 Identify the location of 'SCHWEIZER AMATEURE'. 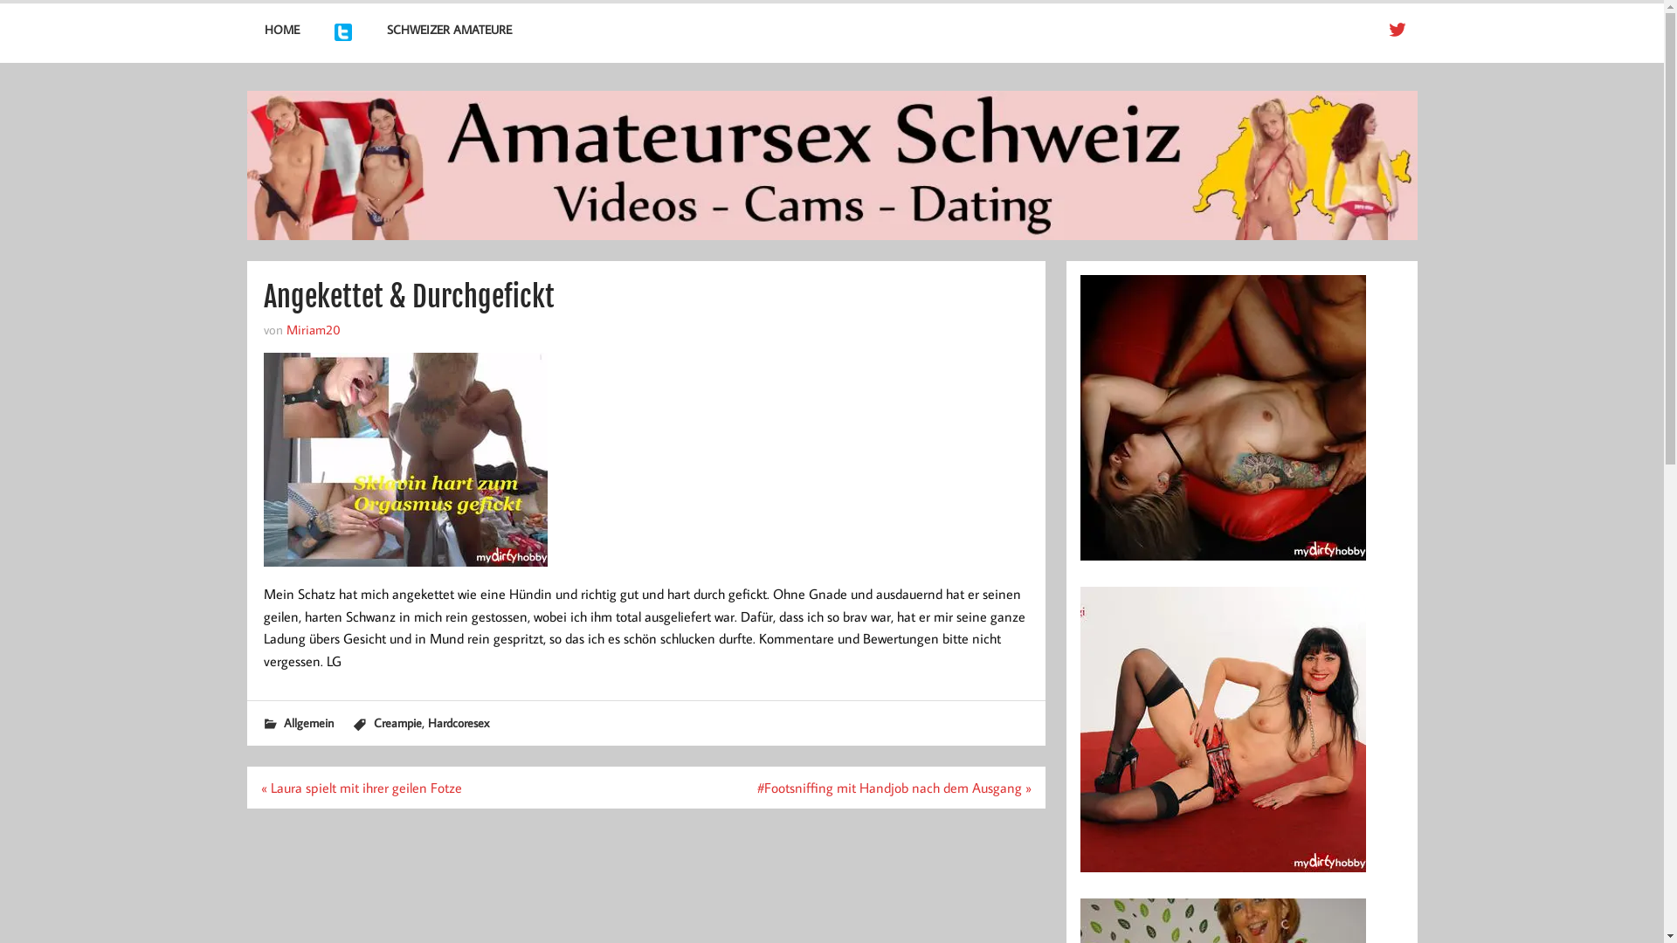
(449, 30).